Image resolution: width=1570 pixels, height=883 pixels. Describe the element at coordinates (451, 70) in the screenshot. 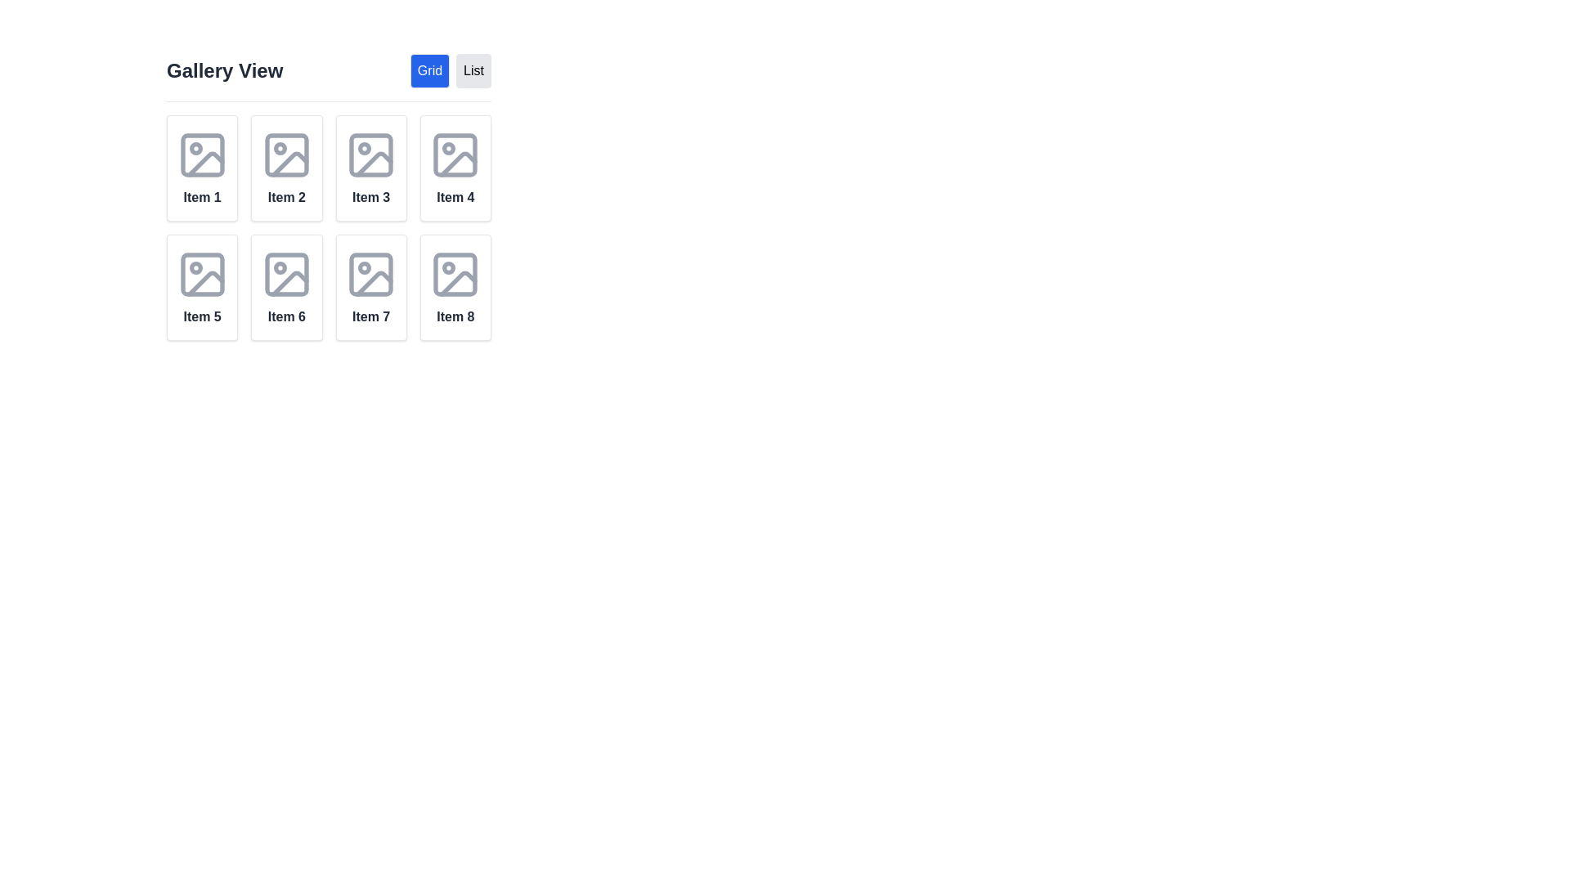

I see `the toggle control combining the 'Grid' and 'List' buttons located in the top-right portion of the interface, to the right of the text 'Gallery View'` at that location.